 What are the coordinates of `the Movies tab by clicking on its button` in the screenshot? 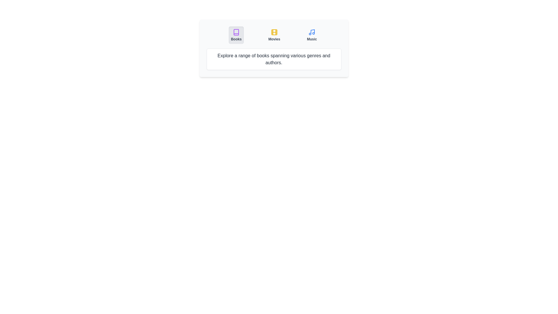 It's located at (274, 35).